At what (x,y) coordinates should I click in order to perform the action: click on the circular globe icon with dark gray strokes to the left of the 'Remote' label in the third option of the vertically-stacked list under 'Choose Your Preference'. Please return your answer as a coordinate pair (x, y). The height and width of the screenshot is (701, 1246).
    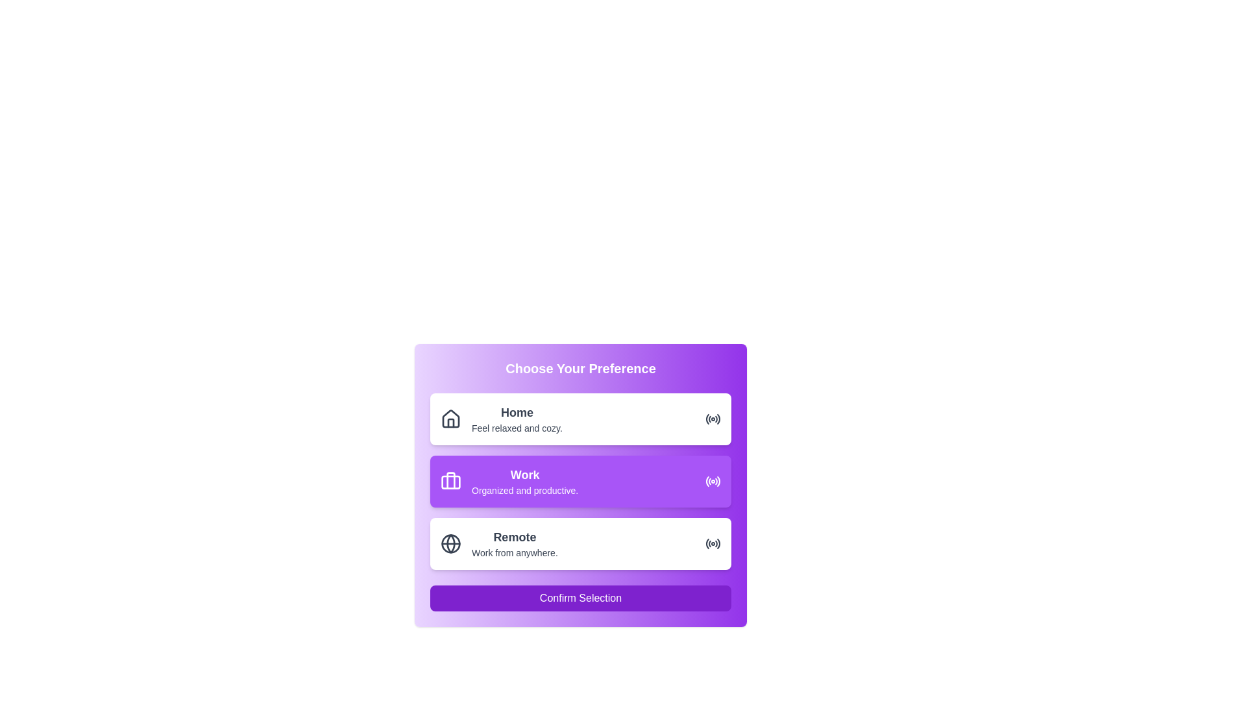
    Looking at the image, I should click on (451, 543).